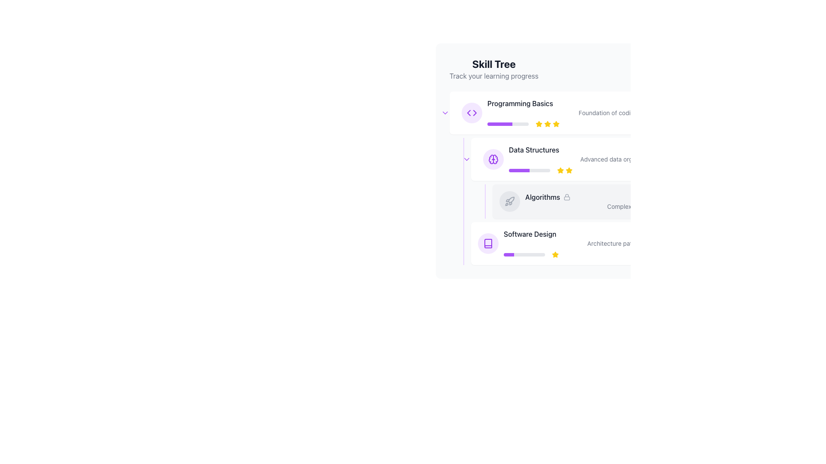 Image resolution: width=826 pixels, height=464 pixels. What do you see at coordinates (524, 254) in the screenshot?
I see `the horizontal progress bar indicating progress in the 'Software Design' section of the 'Skill Tree'` at bounding box center [524, 254].